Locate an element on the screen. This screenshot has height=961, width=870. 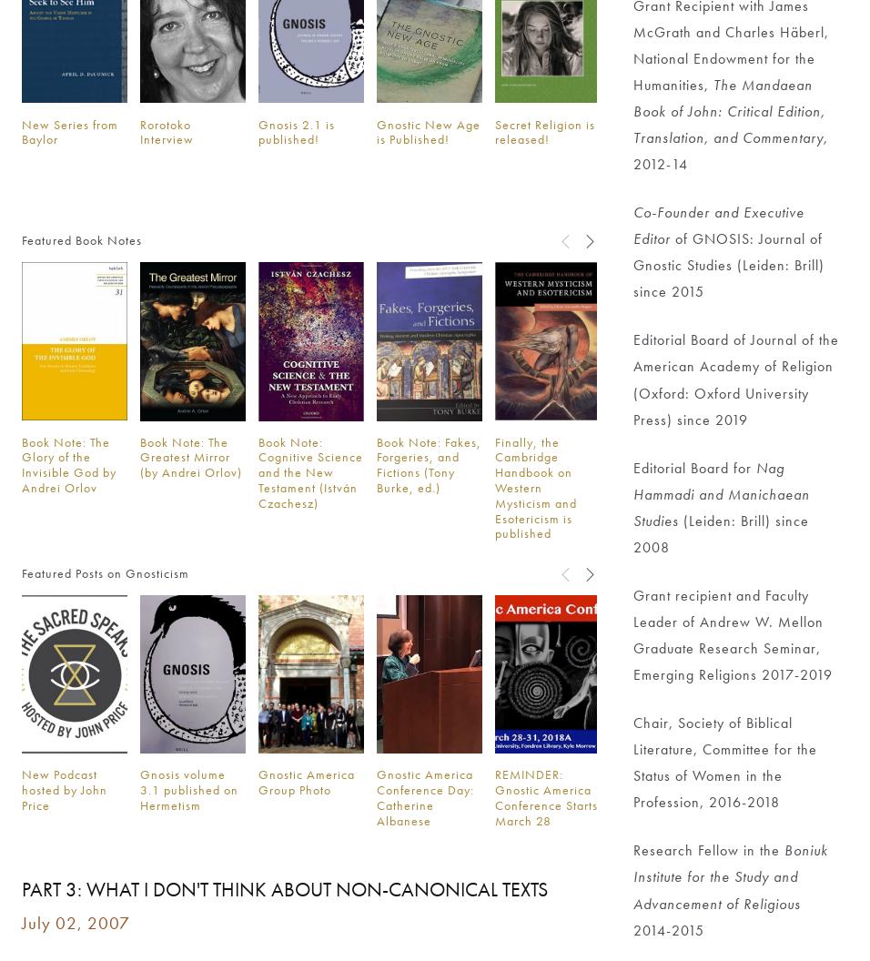
'Book Note: The Glory of the Invisible God by Andrei Orlov' is located at coordinates (68, 463).